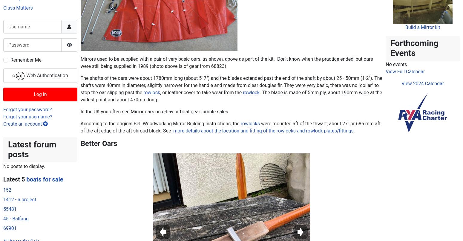  What do you see at coordinates (263, 15) in the screenshot?
I see `'more details about the location and fitting of the rowlocks and rowlock plates/fittings'` at bounding box center [263, 15].